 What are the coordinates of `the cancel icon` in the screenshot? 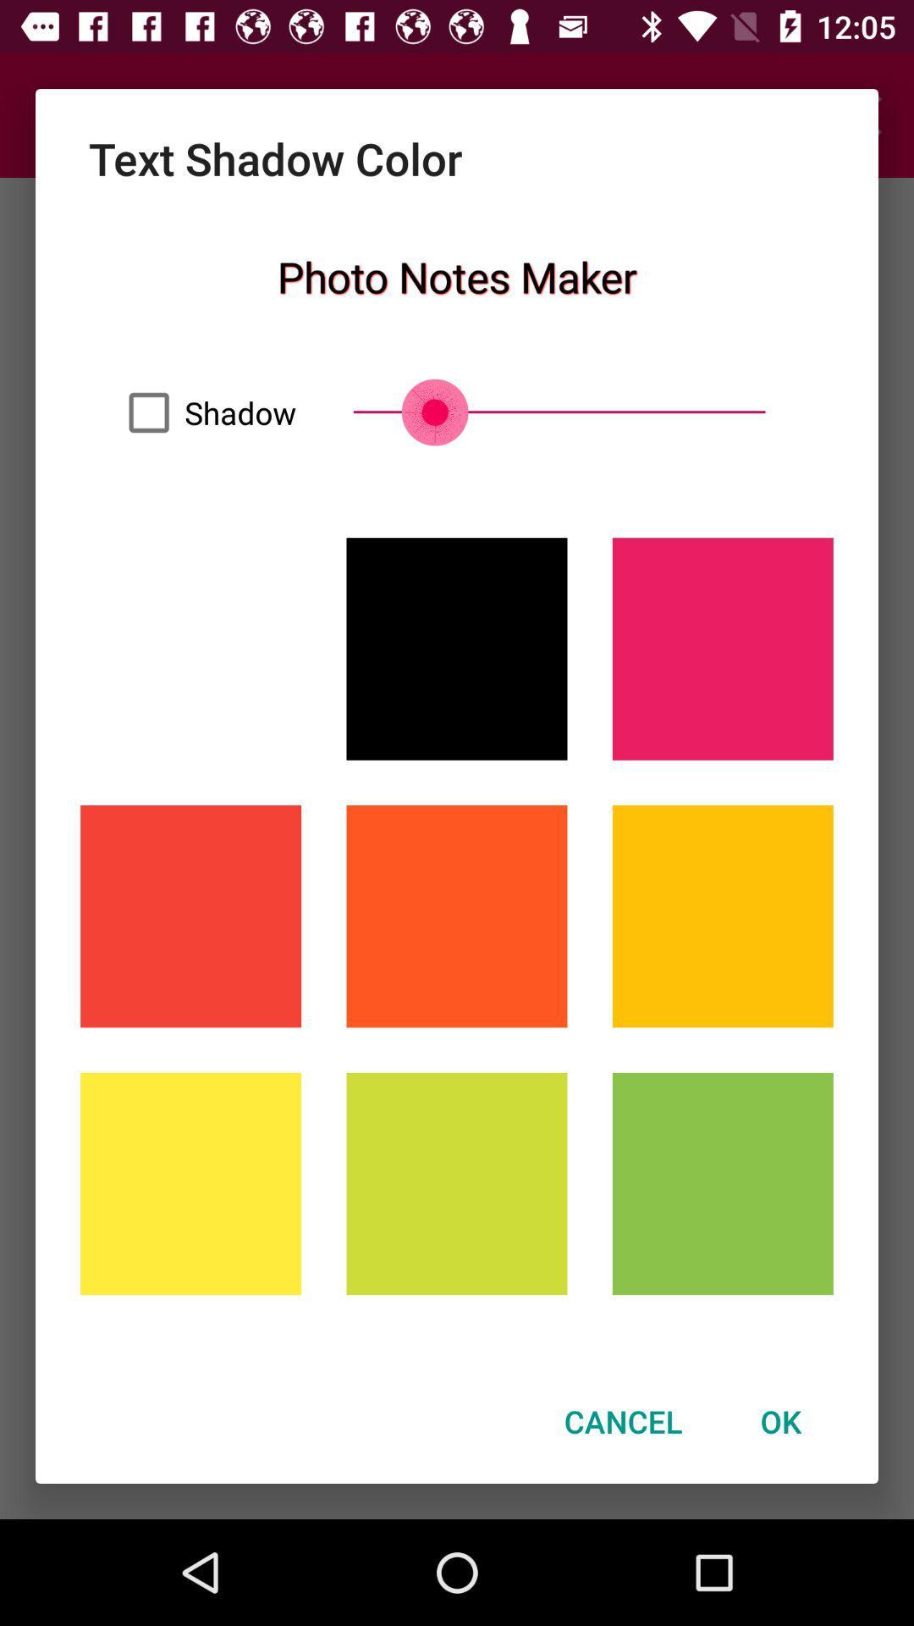 It's located at (623, 1421).